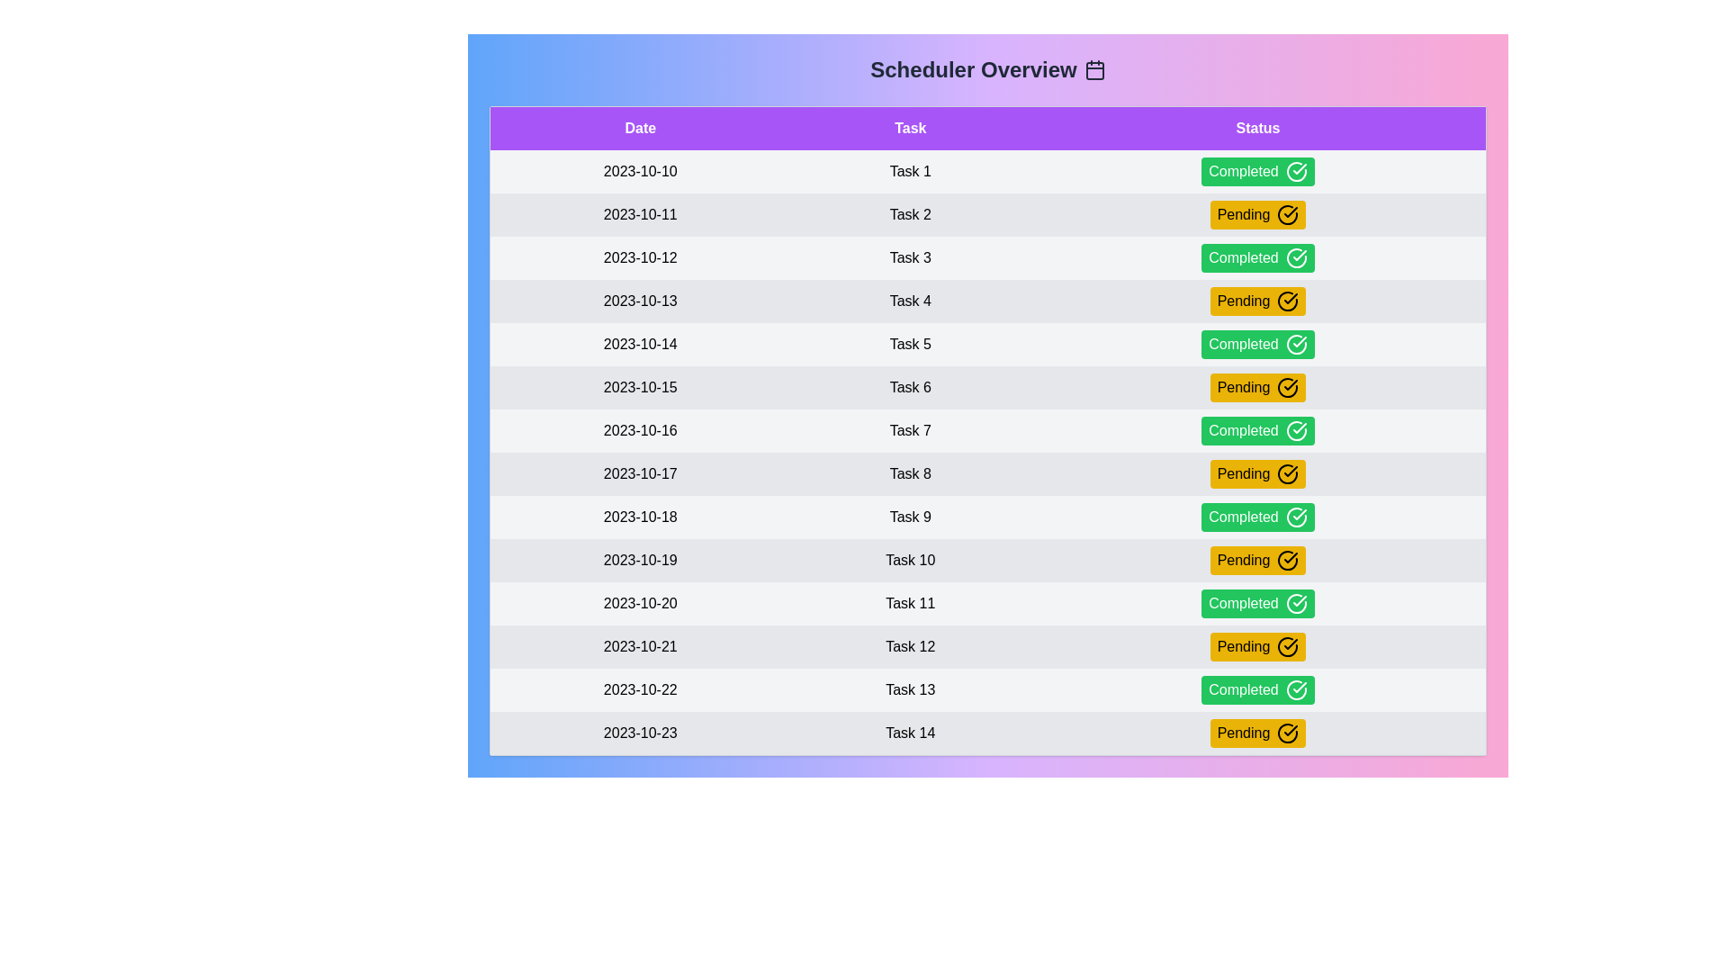 Image resolution: width=1728 pixels, height=972 pixels. What do you see at coordinates (1093, 68) in the screenshot?
I see `the calendar icon in the header section to open the calendar view` at bounding box center [1093, 68].